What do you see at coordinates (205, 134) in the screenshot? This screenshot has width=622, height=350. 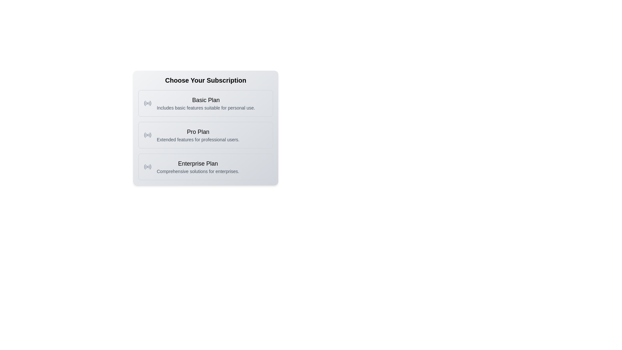 I see `the 'Pro Plan' subscription option button located in the middle of the vertically stacked list of subscription options under the header 'Choose Your Subscription'` at bounding box center [205, 134].